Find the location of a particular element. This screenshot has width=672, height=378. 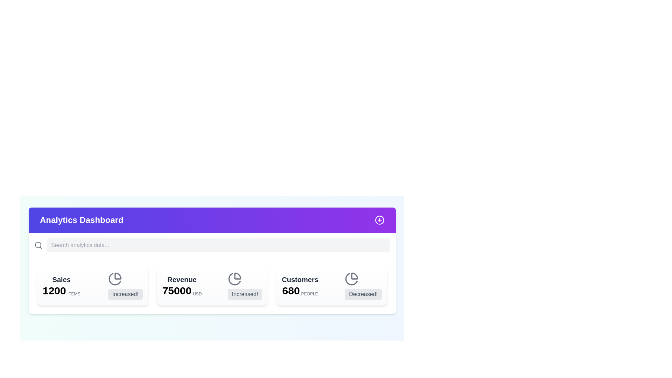

text label displaying 'Increased!' in a light gray background on the dashboard card titled 'Sales' is located at coordinates (125, 294).